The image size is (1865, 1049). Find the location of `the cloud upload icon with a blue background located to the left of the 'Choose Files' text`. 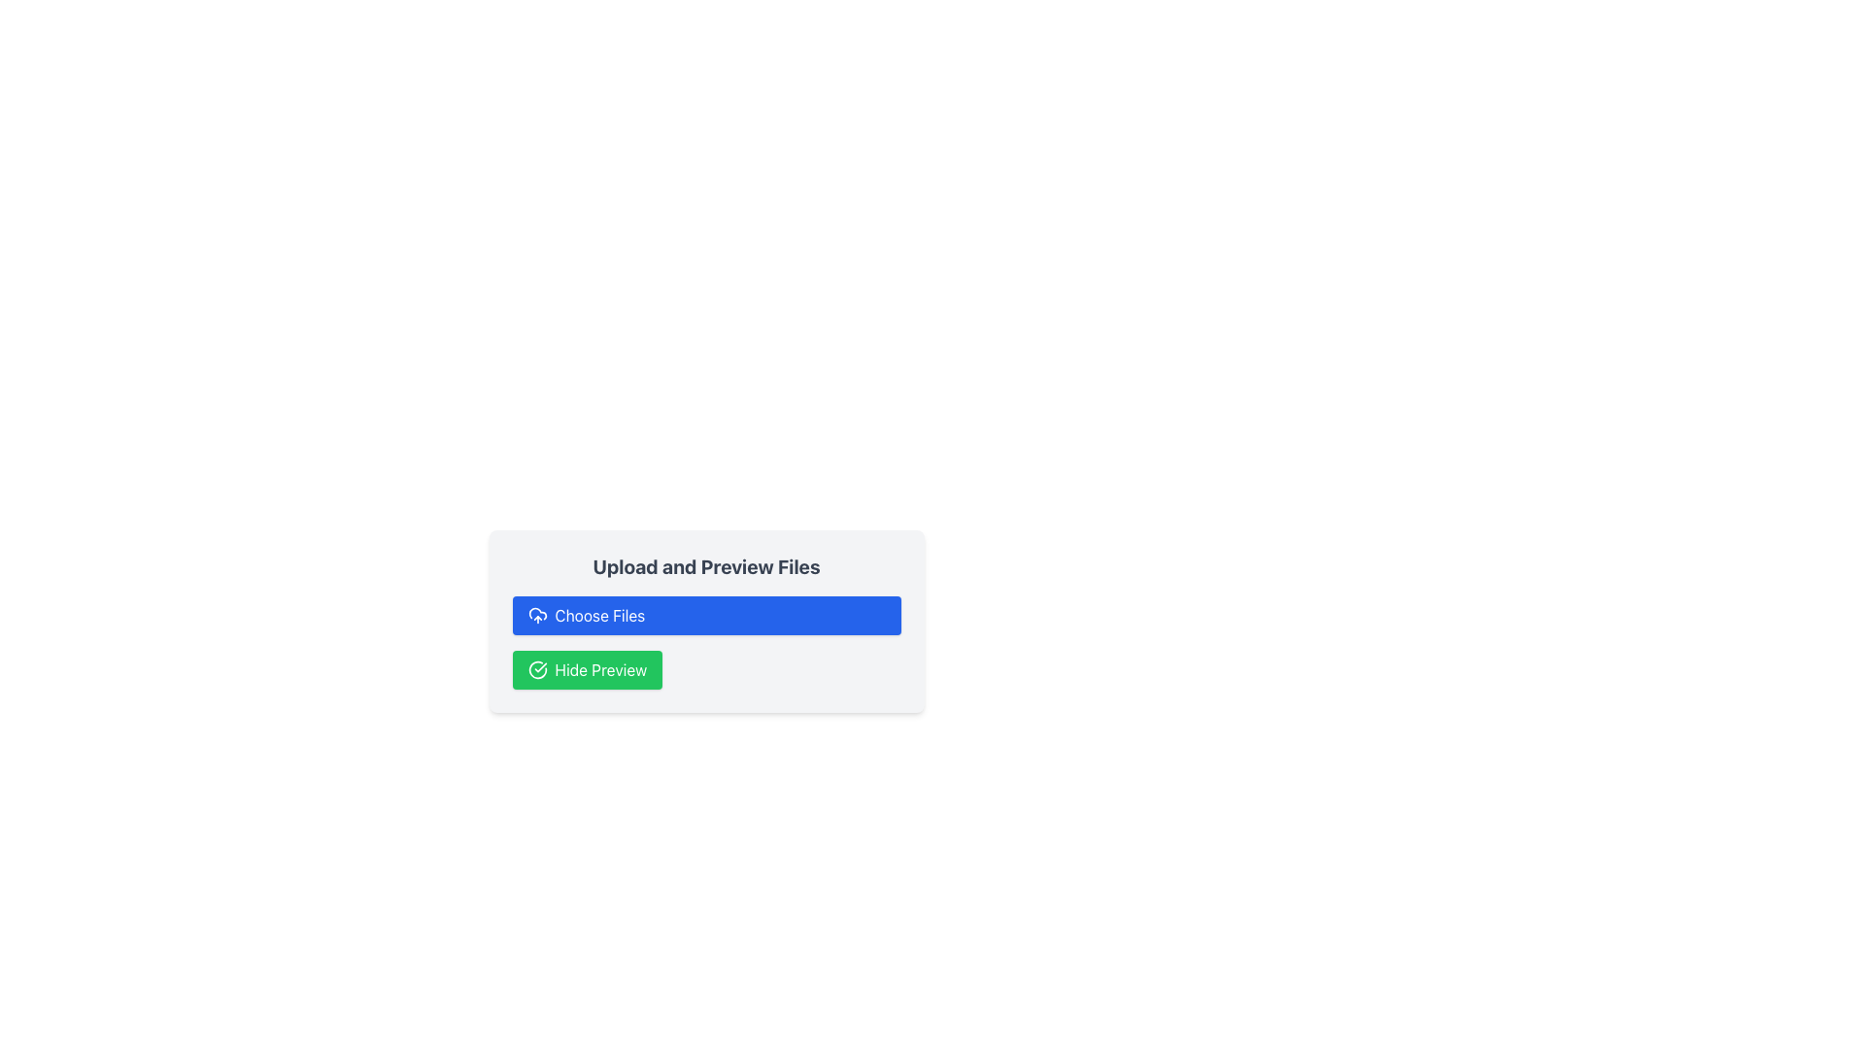

the cloud upload icon with a blue background located to the left of the 'Choose Files' text is located at coordinates (537, 615).